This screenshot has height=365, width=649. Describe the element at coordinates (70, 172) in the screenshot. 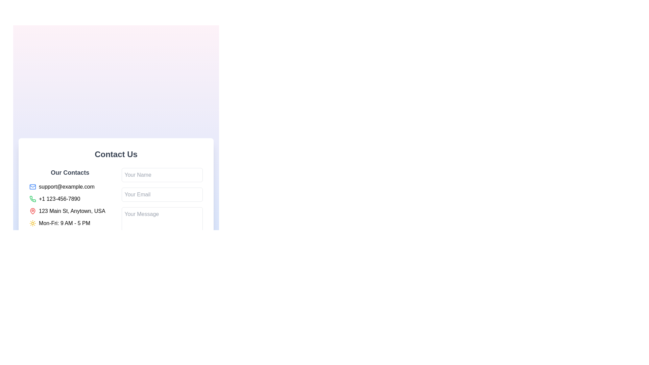

I see `the bold text element reading 'Our Contacts,' which is styled in a larger font size and dark gray color, located at the top center of the contact information section` at that location.